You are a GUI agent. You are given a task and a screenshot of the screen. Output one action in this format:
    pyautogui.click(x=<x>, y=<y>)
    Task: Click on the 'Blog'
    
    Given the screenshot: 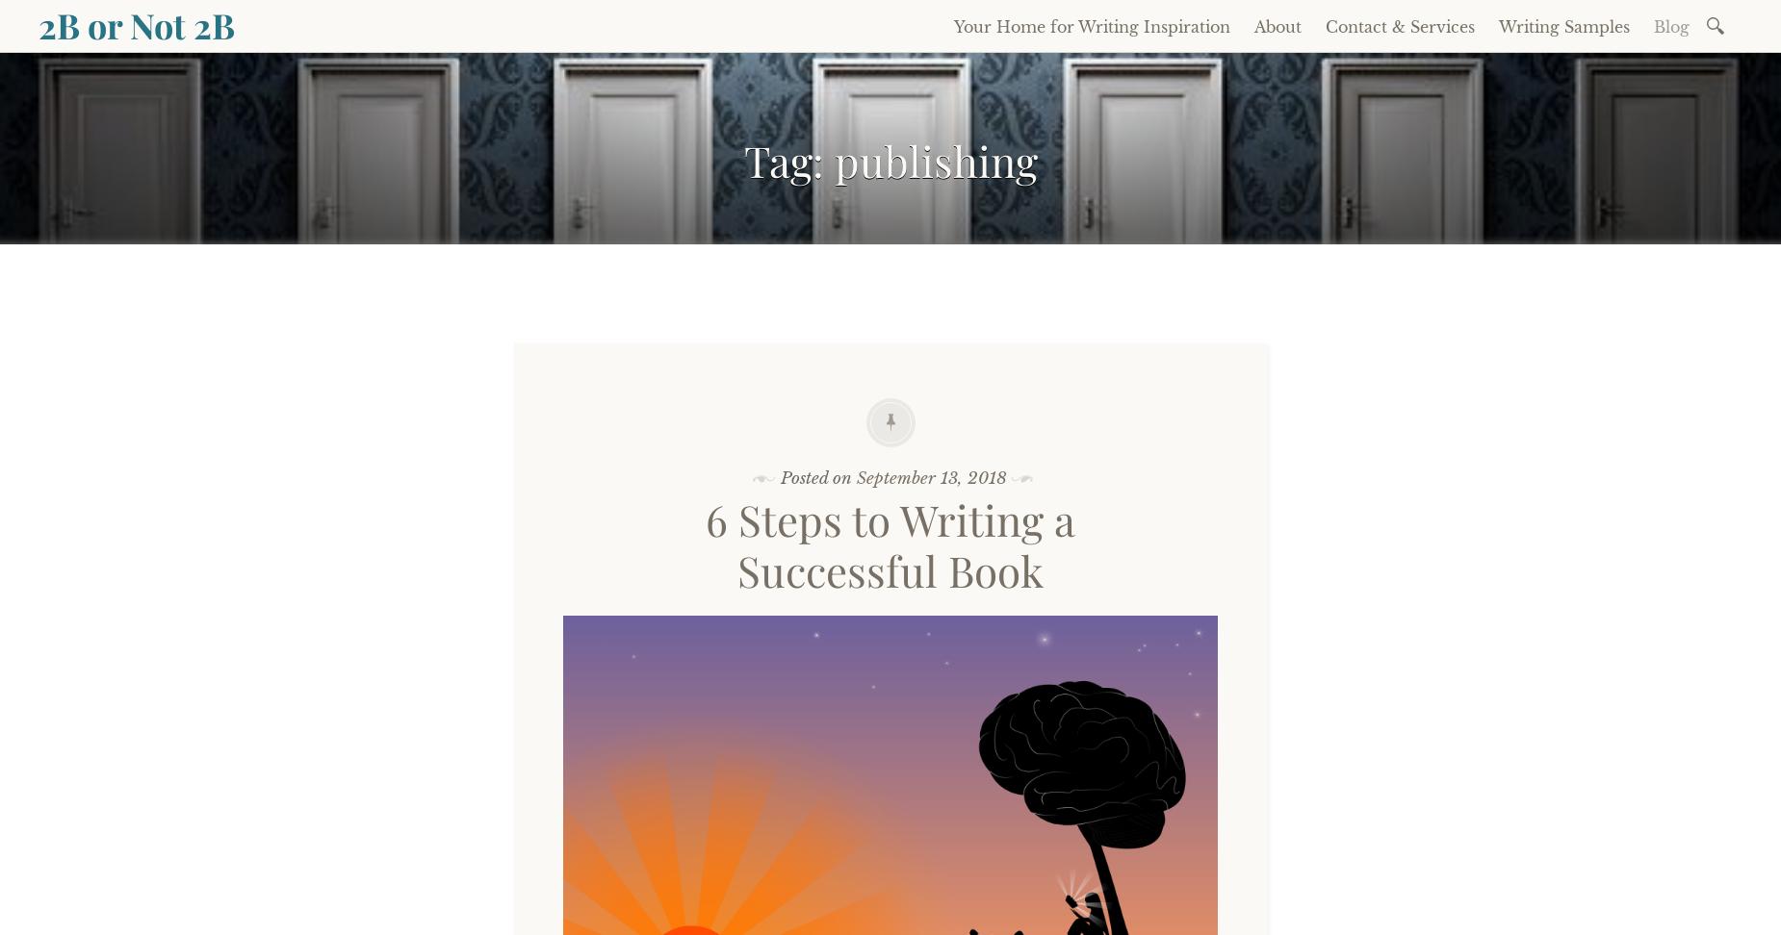 What is the action you would take?
    pyautogui.click(x=1671, y=26)
    